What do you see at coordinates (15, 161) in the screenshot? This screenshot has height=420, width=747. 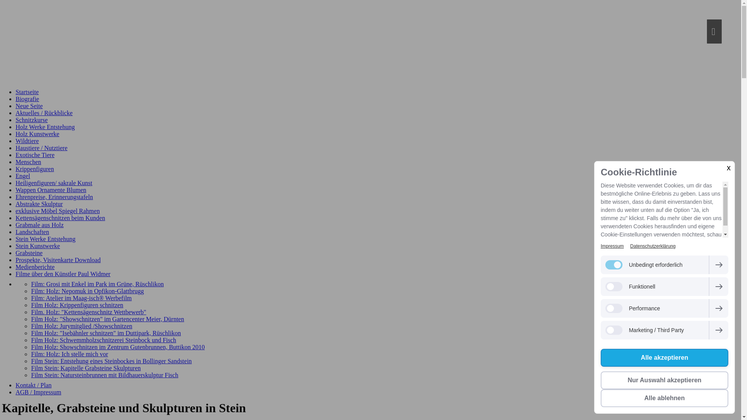 I see `'Menschen'` at bounding box center [15, 161].